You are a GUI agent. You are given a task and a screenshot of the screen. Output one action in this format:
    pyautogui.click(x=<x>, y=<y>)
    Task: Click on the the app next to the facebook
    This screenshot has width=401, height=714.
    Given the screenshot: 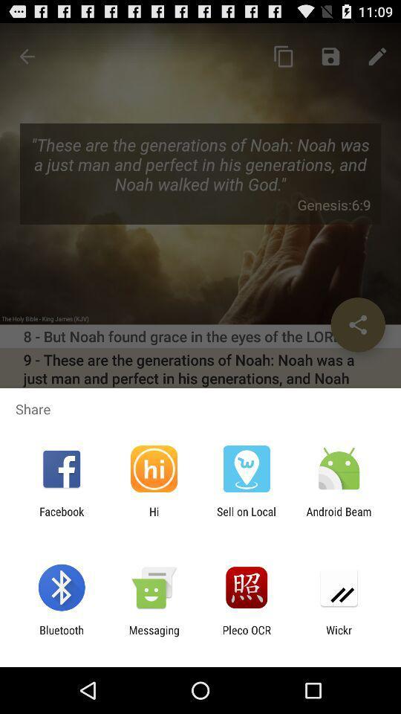 What is the action you would take?
    pyautogui.click(x=153, y=518)
    